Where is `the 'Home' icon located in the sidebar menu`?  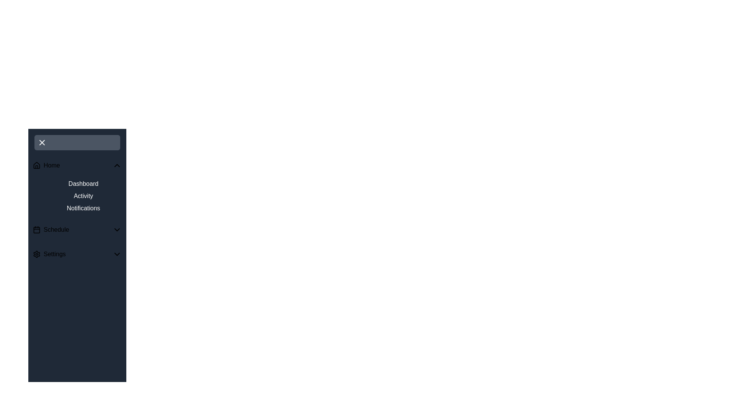
the 'Home' icon located in the sidebar menu is located at coordinates (36, 165).